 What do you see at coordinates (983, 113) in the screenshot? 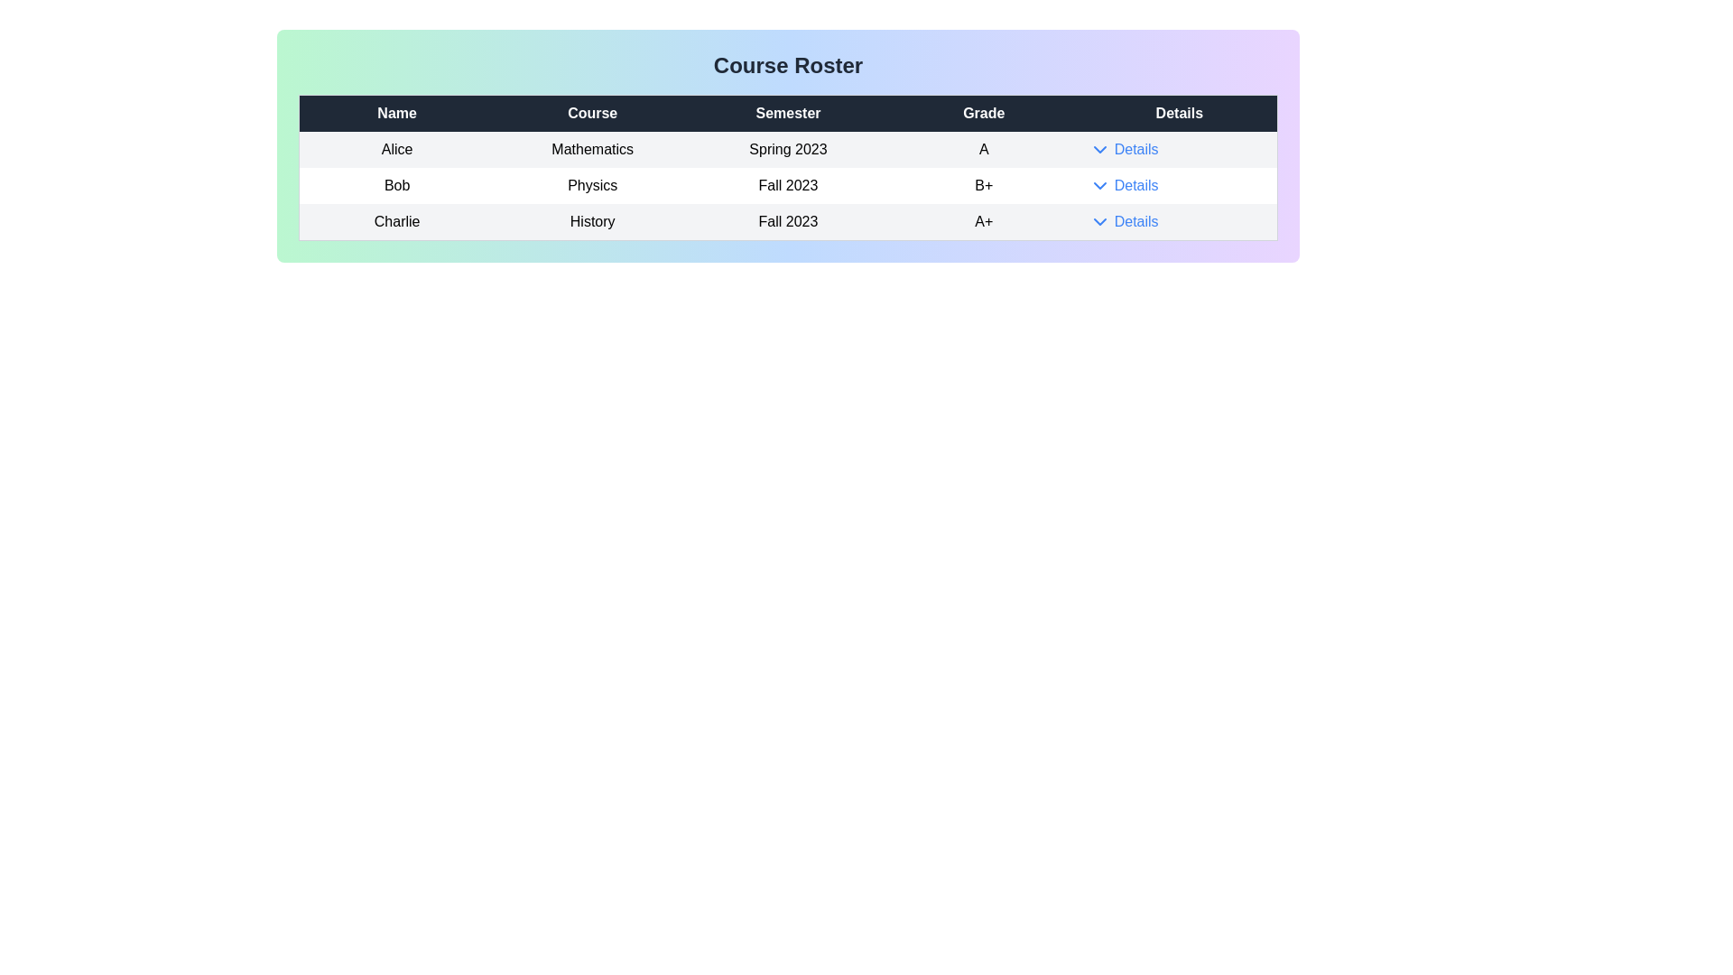
I see `the 'Grade' column header in the table, which is styled with a dark background and white text, located between 'Semester' and 'Details'` at bounding box center [983, 113].